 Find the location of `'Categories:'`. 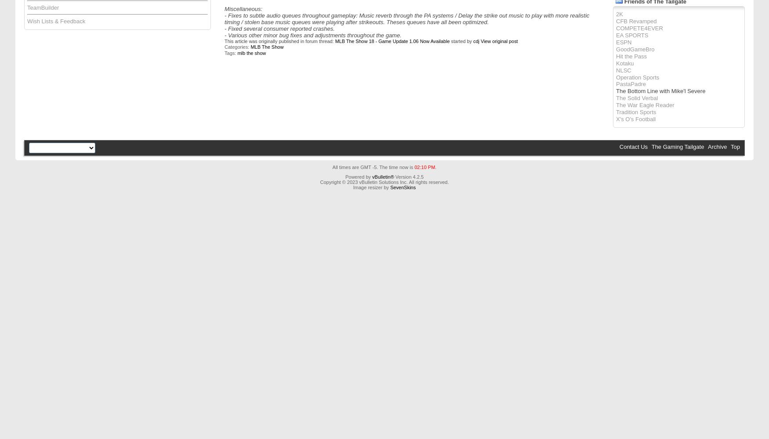

'Categories:' is located at coordinates (236, 47).